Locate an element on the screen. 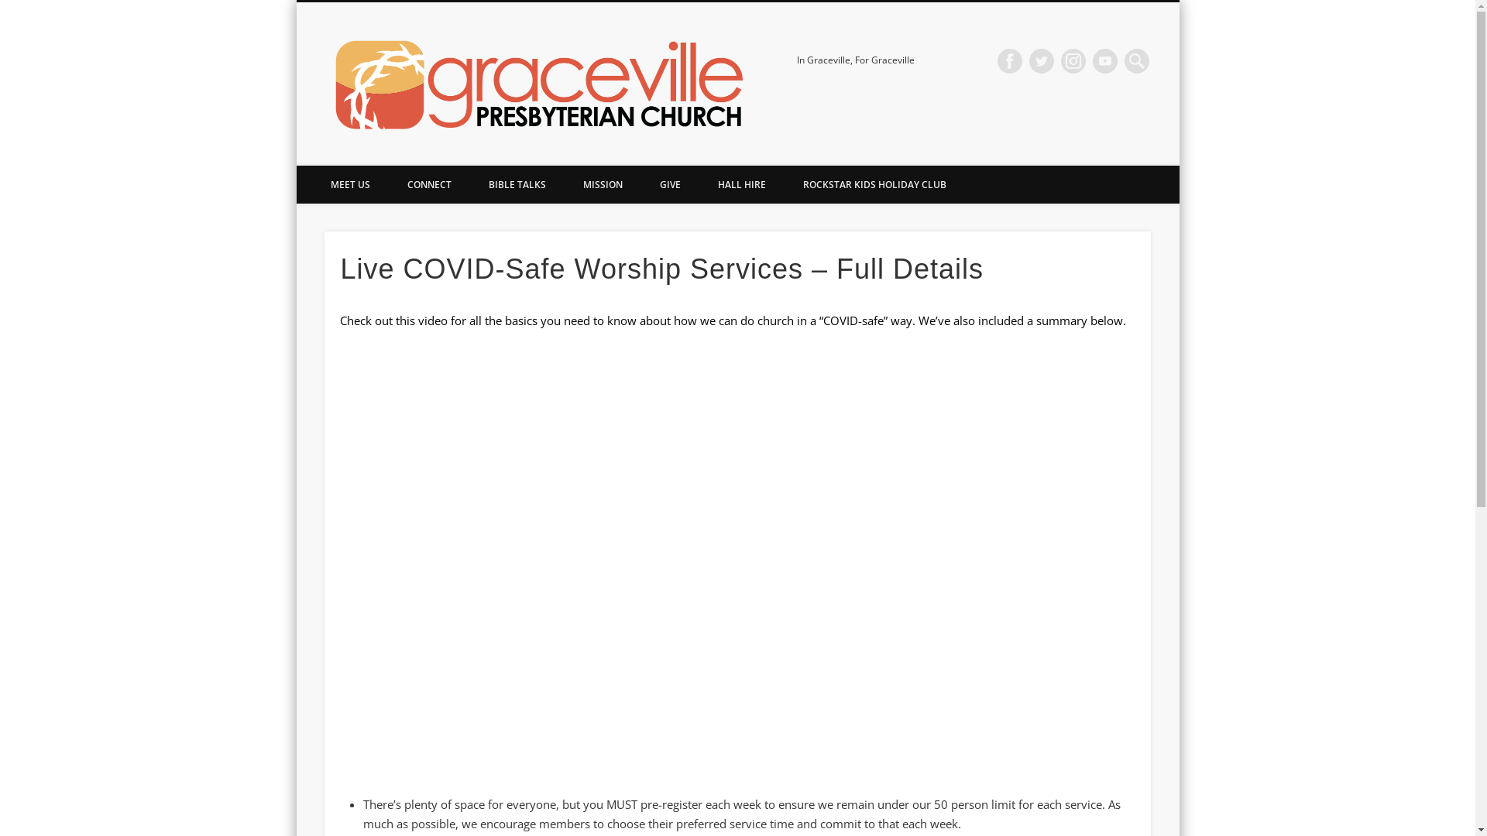 The image size is (1487, 836). 'CONNECT' is located at coordinates (429, 183).